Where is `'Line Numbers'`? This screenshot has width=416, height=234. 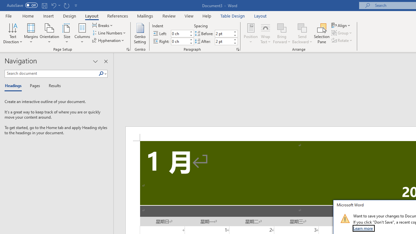
'Line Numbers' is located at coordinates (110, 33).